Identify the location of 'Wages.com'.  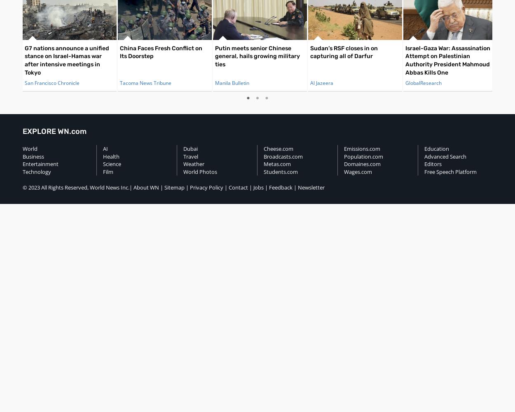
(358, 171).